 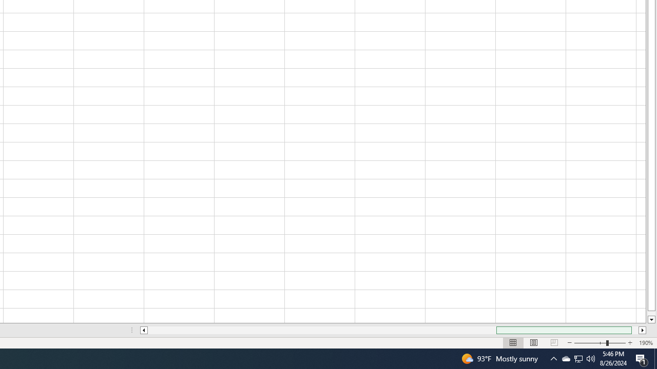 I want to click on 'Line down', so click(x=651, y=319).